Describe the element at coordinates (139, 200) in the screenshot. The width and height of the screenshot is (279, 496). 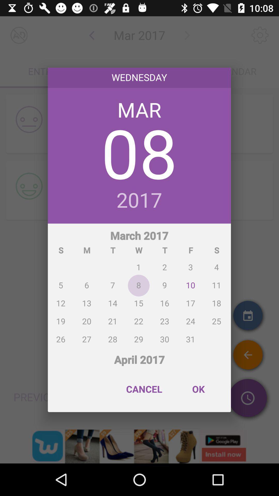
I see `the app below the 08 icon` at that location.